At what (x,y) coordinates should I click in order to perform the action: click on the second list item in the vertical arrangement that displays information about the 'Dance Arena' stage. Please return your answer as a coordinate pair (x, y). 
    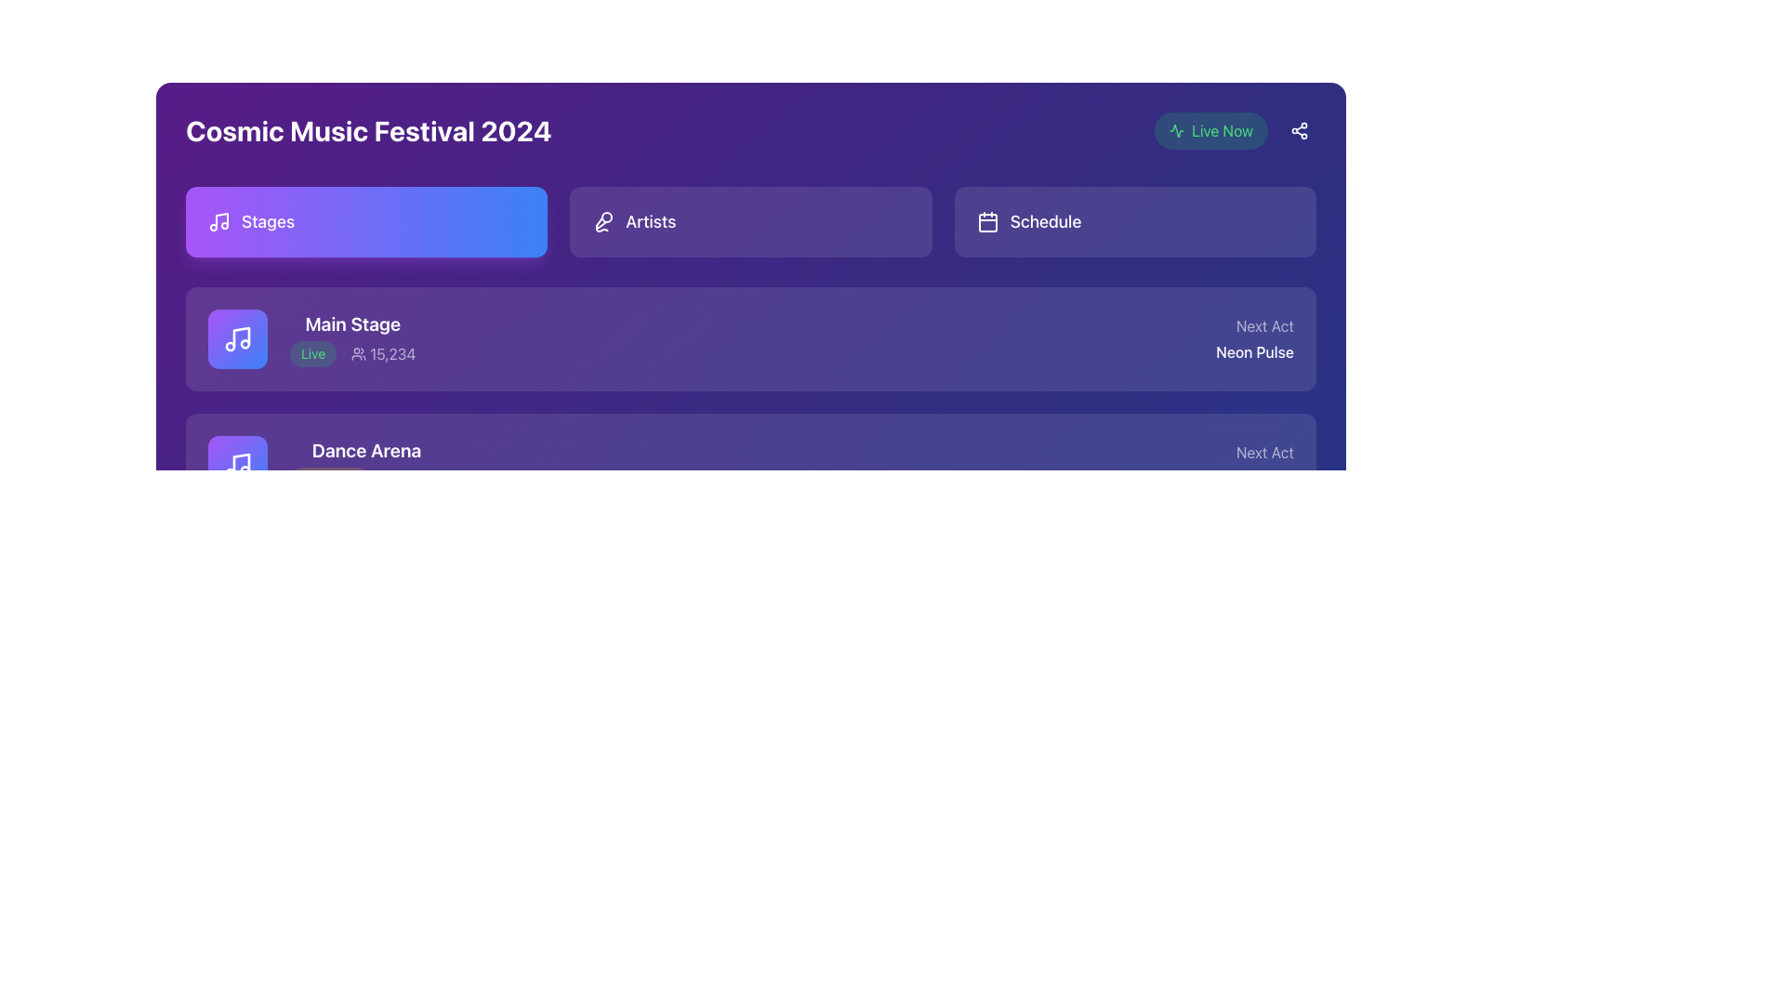
    Looking at the image, I should click on (750, 465).